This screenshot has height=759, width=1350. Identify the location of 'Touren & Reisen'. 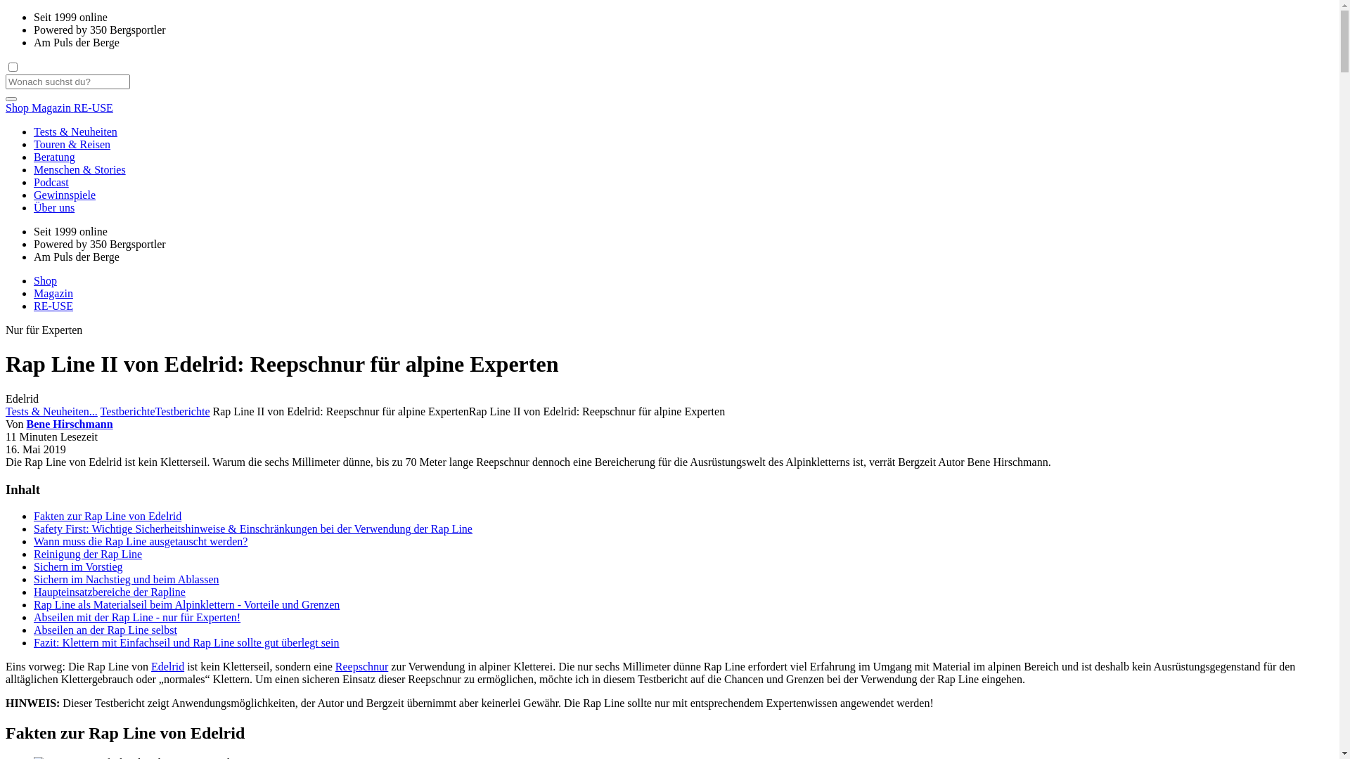
(34, 144).